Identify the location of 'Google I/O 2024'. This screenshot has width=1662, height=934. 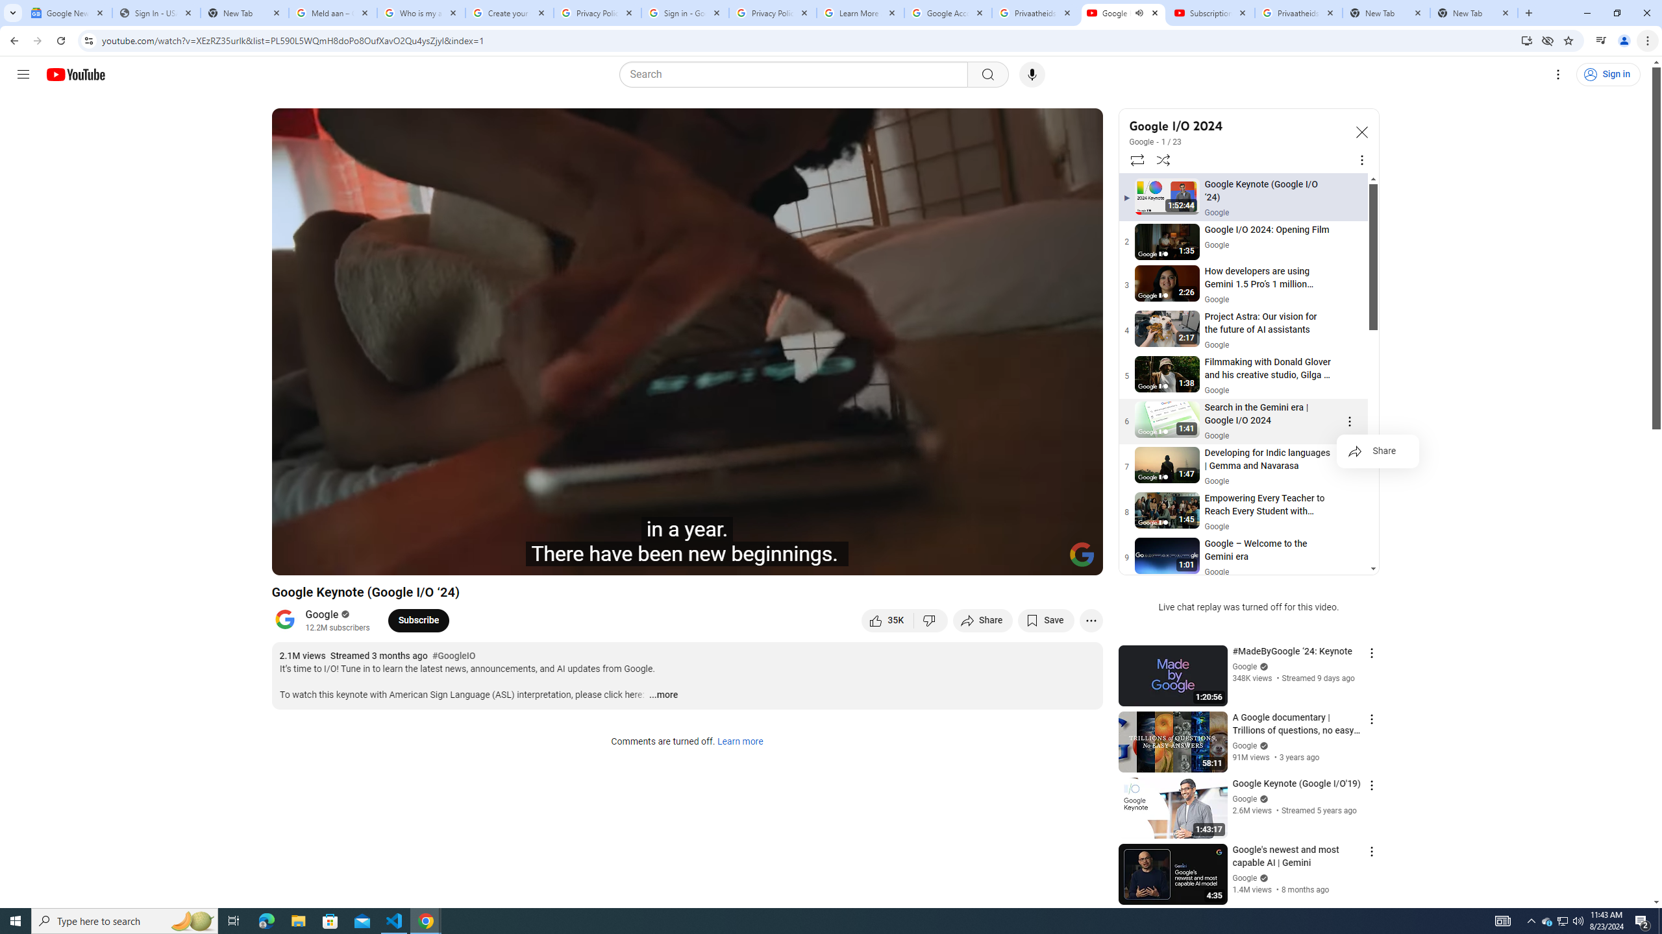
(1235, 125).